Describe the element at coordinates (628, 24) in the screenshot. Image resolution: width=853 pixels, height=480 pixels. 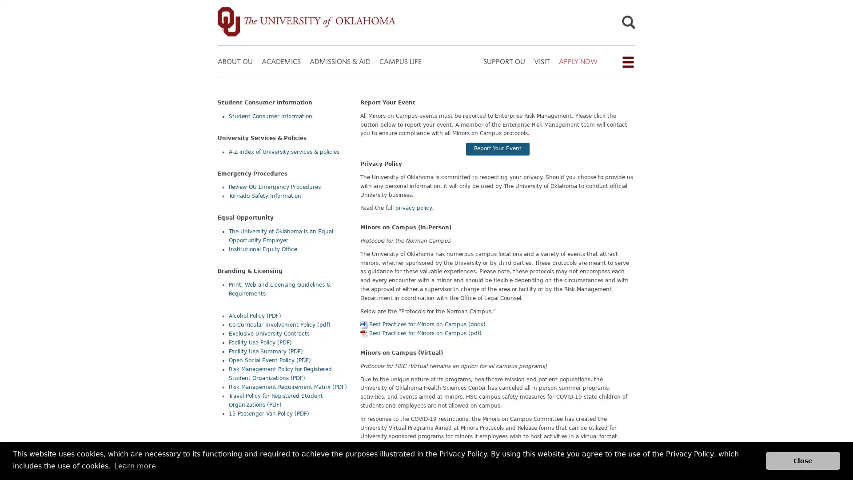
I see `Open Search` at that location.